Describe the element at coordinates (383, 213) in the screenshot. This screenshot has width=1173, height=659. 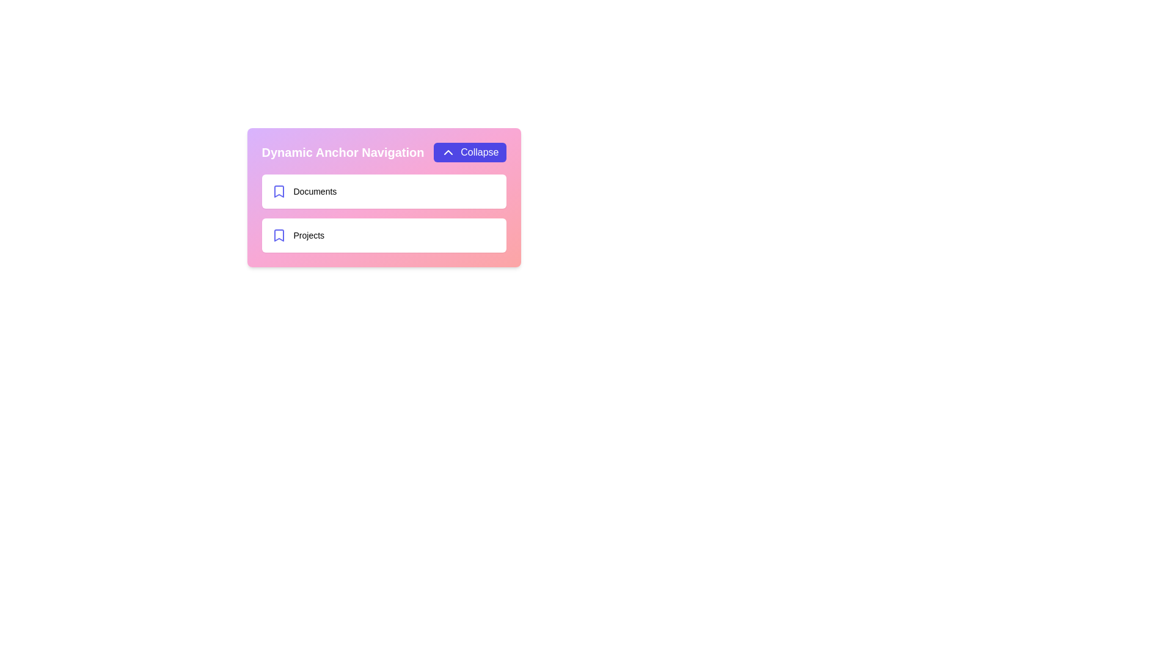
I see `the navigational grouping element that allows selection between 'Documents' and 'Projects', located beneath the 'Dynamic Anchor Navigation' header` at that location.